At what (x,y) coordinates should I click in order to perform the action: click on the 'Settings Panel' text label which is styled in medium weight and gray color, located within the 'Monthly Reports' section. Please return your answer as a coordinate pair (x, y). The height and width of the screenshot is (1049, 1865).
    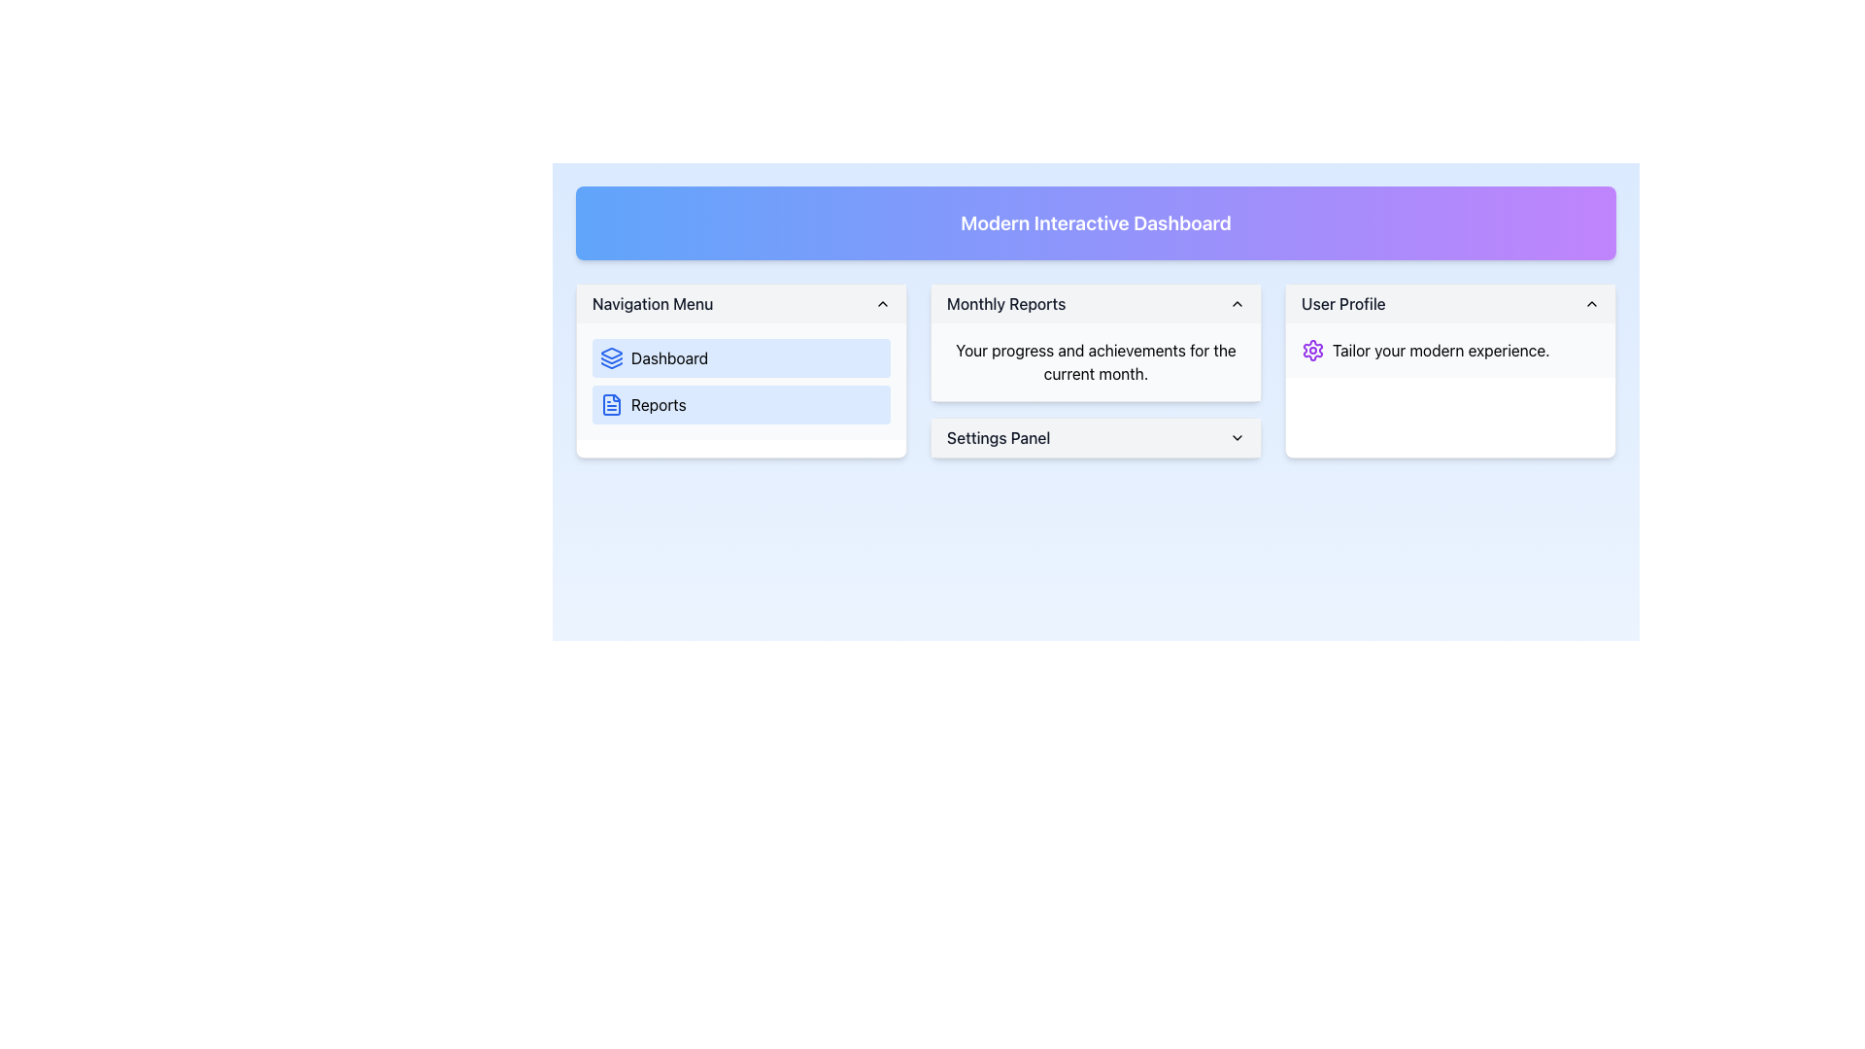
    Looking at the image, I should click on (999, 438).